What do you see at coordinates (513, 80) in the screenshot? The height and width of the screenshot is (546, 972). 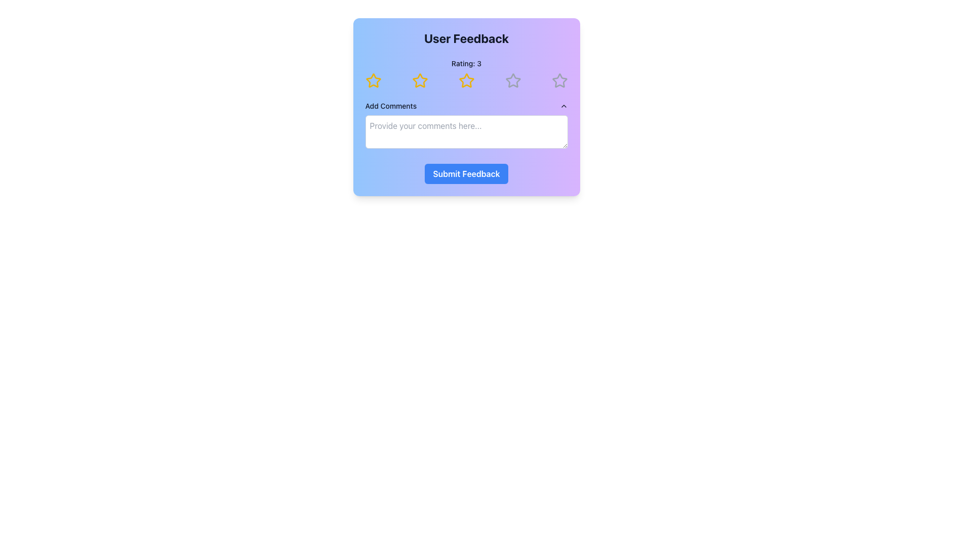 I see `the fifth star icon in the User Feedback form` at bounding box center [513, 80].